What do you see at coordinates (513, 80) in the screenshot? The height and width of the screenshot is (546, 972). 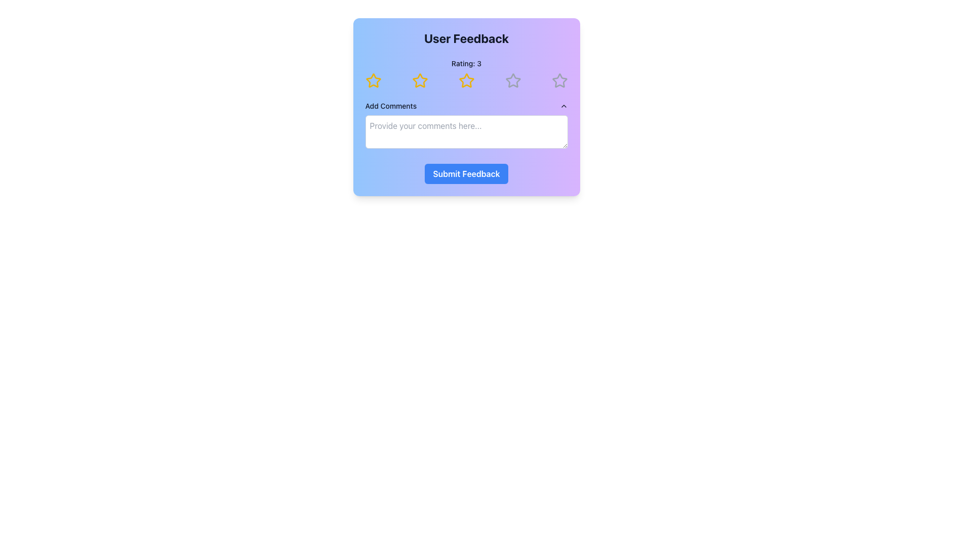 I see `the fifth star icon in the User Feedback form` at bounding box center [513, 80].